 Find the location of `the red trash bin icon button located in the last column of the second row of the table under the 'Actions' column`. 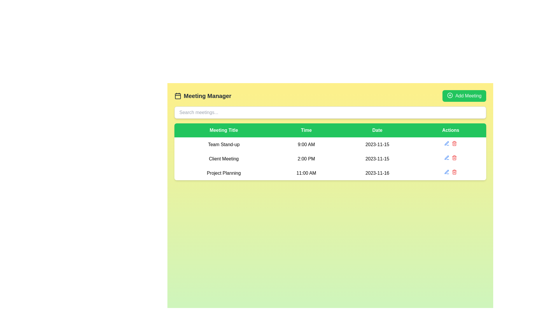

the red trash bin icon button located in the last column of the second row of the table under the 'Actions' column is located at coordinates (454, 143).